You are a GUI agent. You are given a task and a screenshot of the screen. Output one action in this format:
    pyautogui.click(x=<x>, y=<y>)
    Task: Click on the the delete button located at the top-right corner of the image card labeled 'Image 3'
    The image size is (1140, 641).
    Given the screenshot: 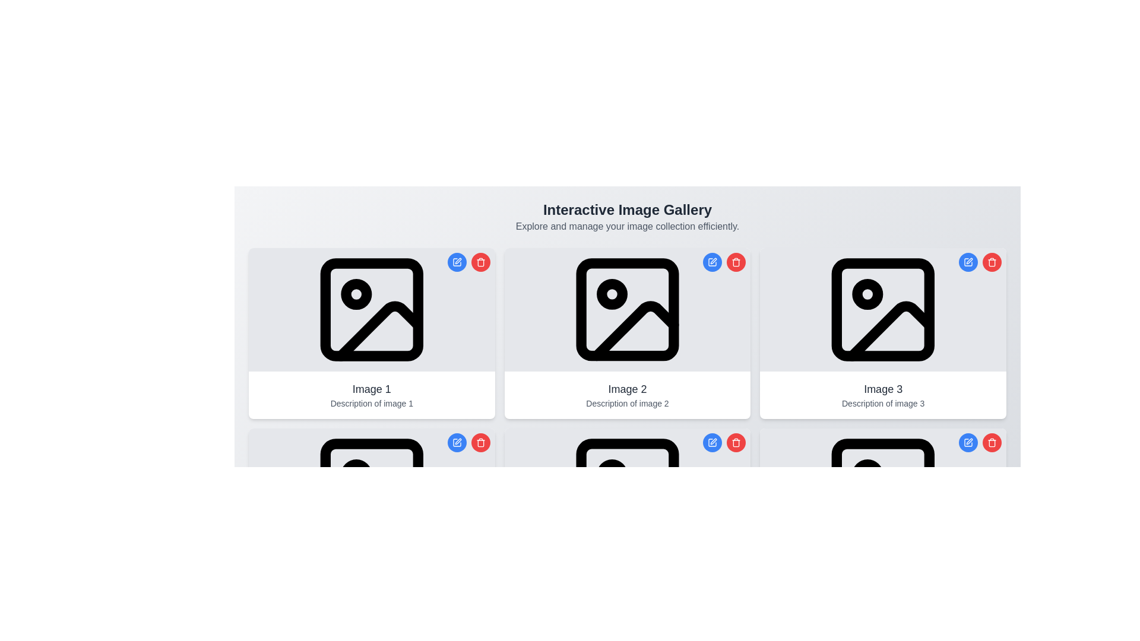 What is the action you would take?
    pyautogui.click(x=992, y=442)
    